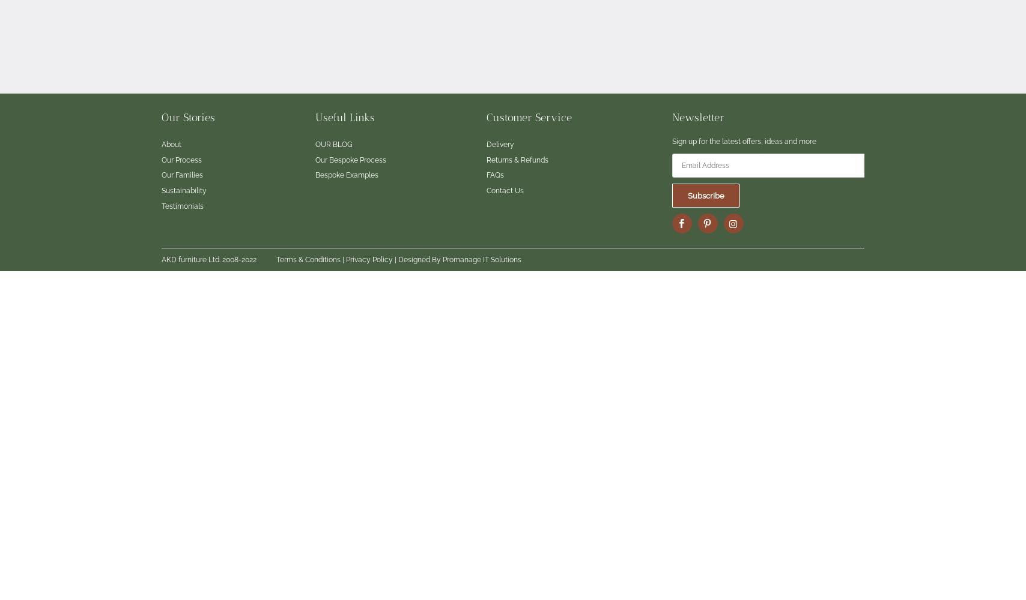 The width and height of the screenshot is (1026, 600). I want to click on 'Sign up for the latest offers, ideas and more', so click(744, 141).